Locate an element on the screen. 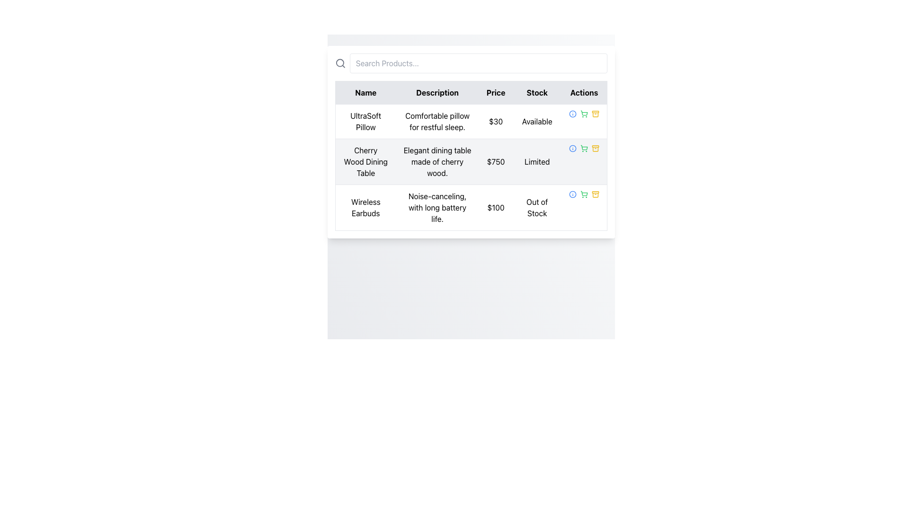  the header label positioned as the fifth item in the table header row, located at the far right is located at coordinates (584, 93).